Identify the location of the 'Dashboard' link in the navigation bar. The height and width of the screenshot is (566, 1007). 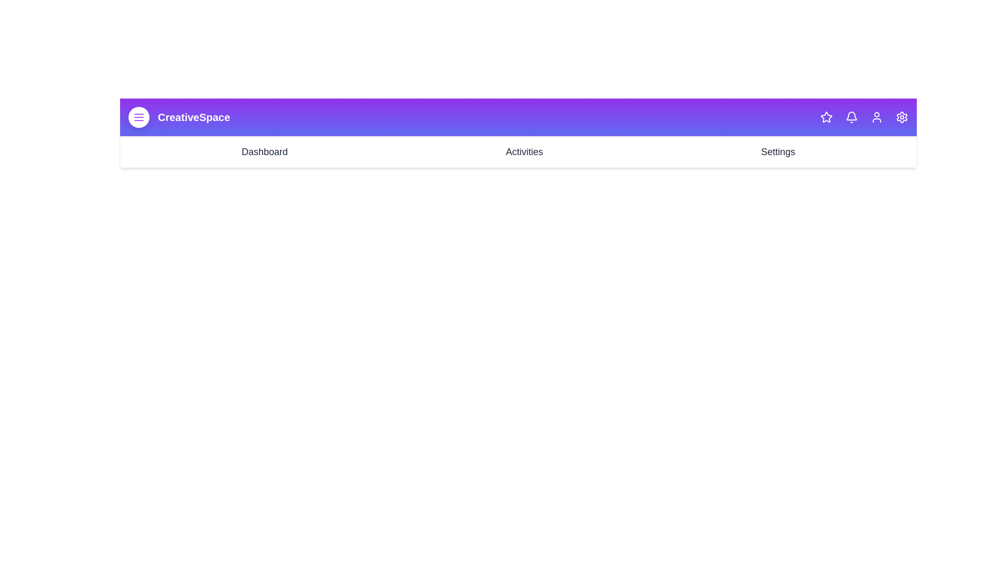
(264, 151).